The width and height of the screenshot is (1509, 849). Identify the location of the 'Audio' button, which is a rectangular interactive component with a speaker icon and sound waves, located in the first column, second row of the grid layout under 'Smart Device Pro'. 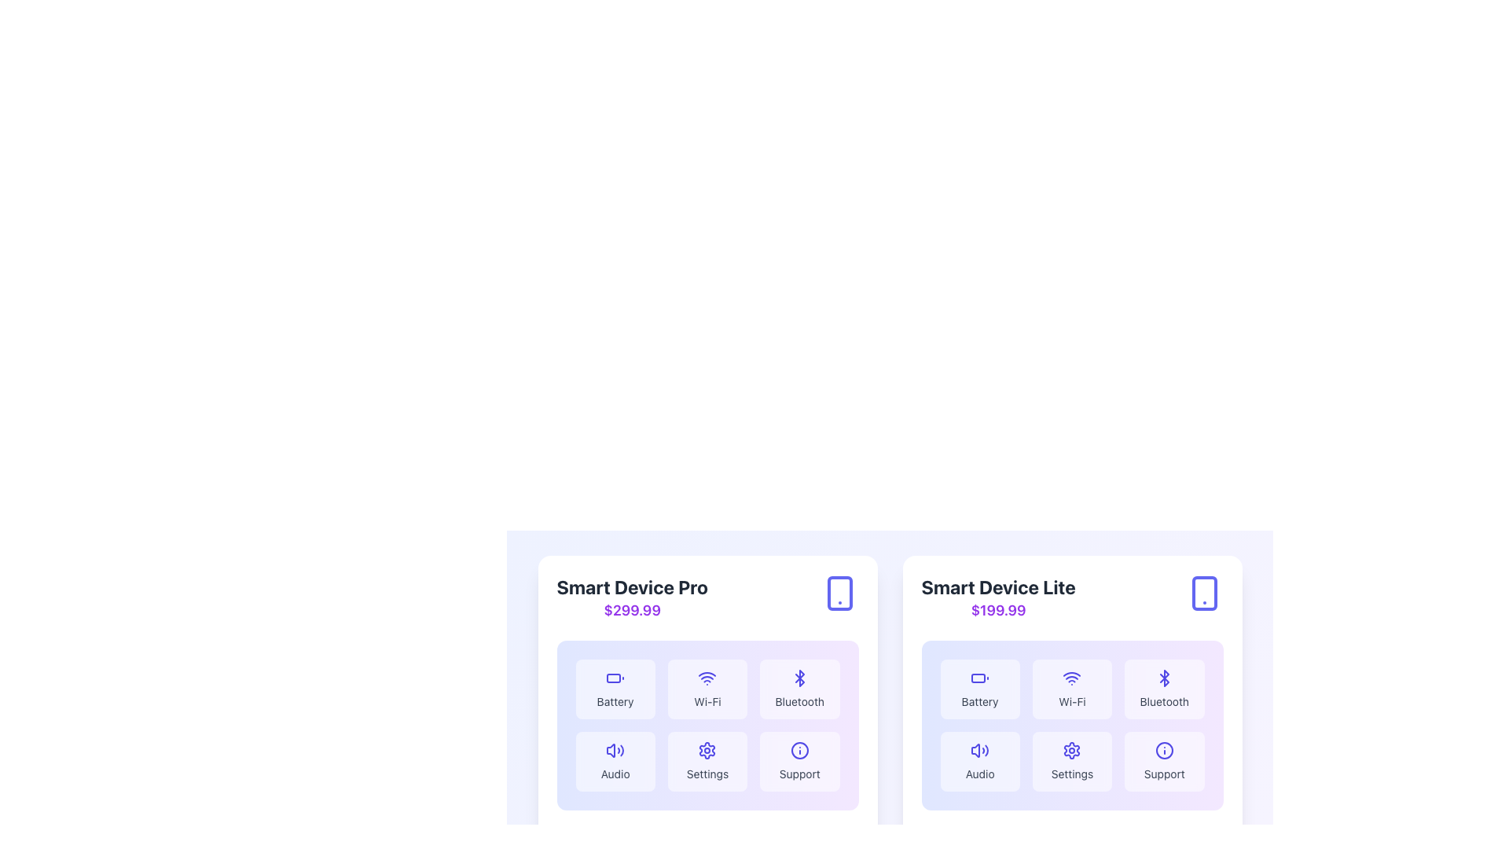
(615, 760).